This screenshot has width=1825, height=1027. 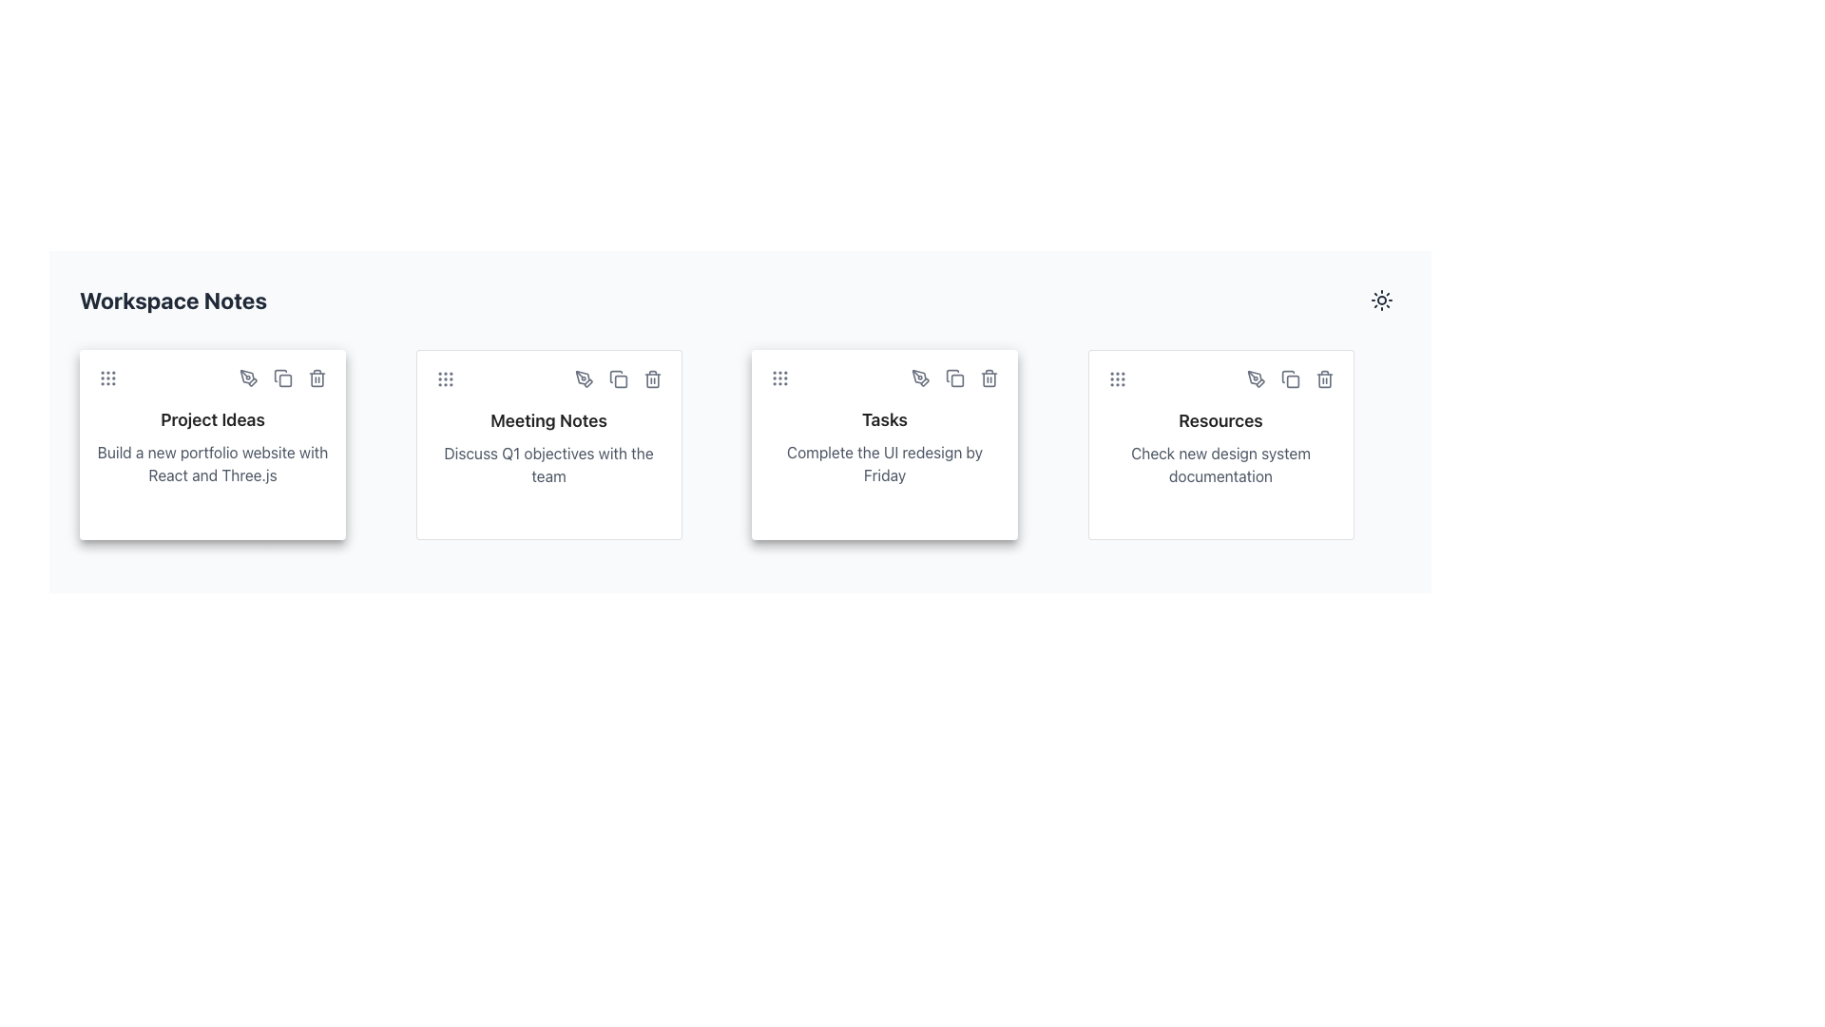 I want to click on the 'Resources' text label, which is part of a card within the 'Workspace Notes' section, located at the far-right position of a row of four cards, so click(x=1220, y=420).